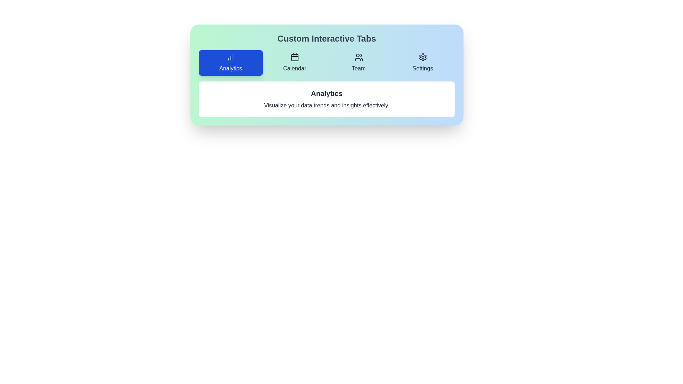 This screenshot has width=683, height=384. I want to click on the label located, so click(295, 68).